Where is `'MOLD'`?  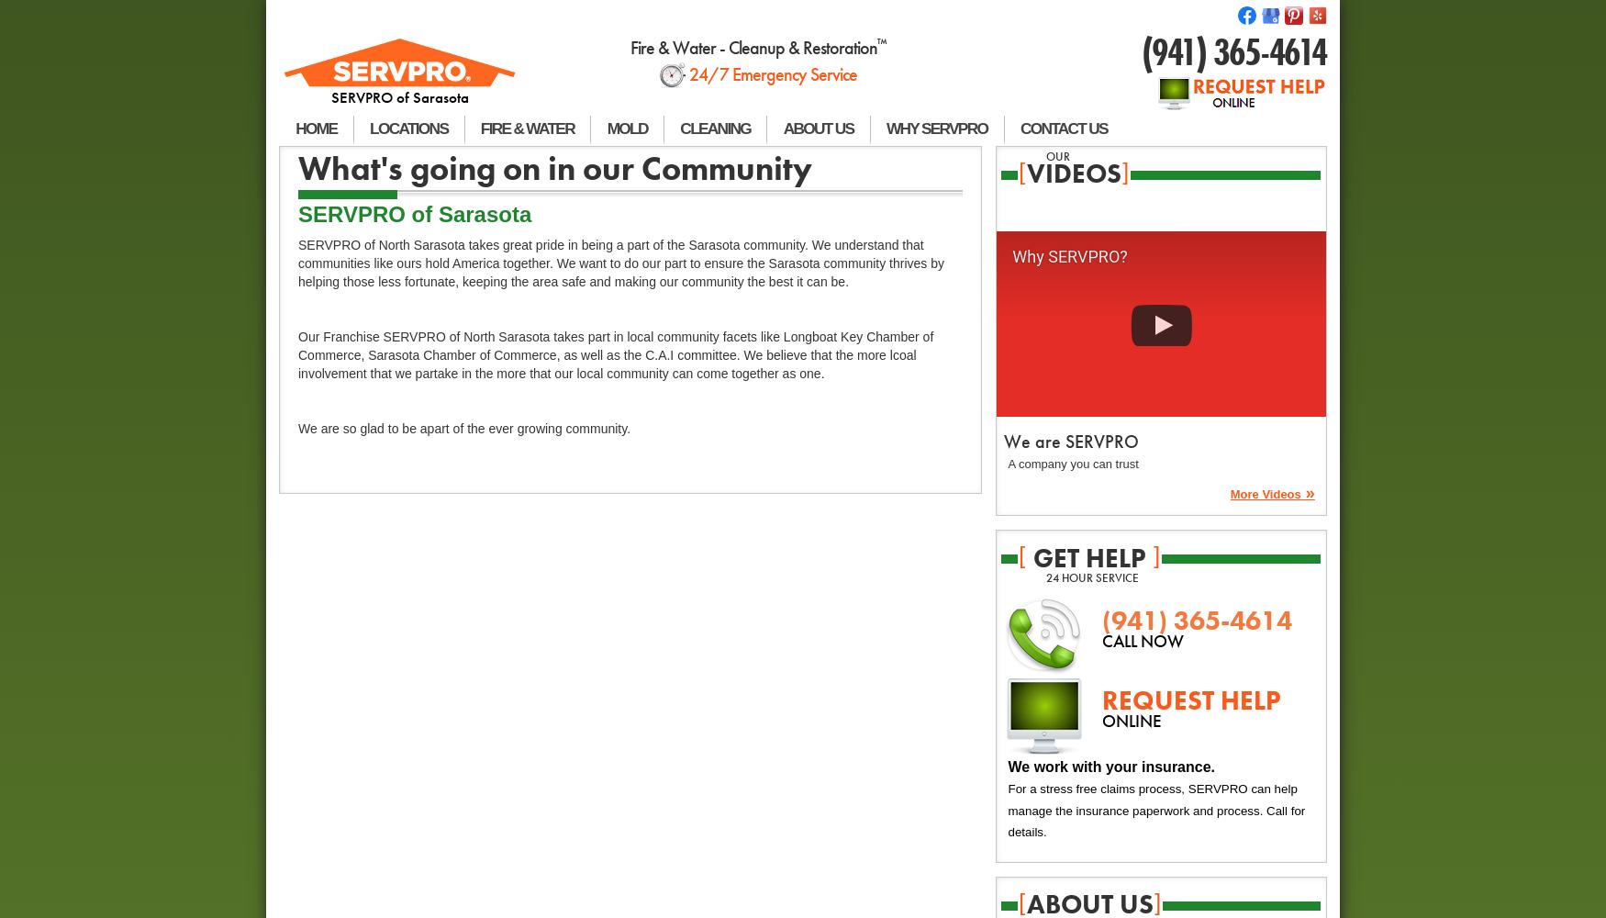 'MOLD' is located at coordinates (626, 129).